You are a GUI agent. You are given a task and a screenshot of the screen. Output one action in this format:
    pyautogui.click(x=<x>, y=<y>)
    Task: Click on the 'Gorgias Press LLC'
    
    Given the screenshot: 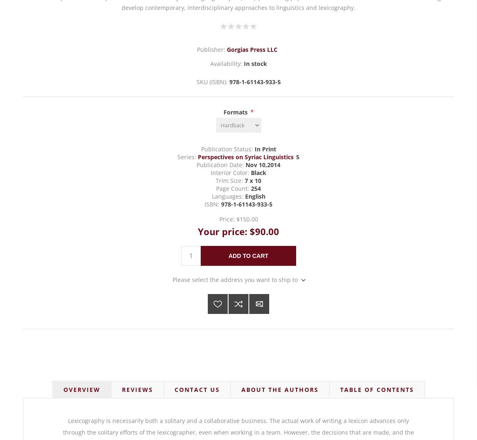 What is the action you would take?
    pyautogui.click(x=252, y=49)
    